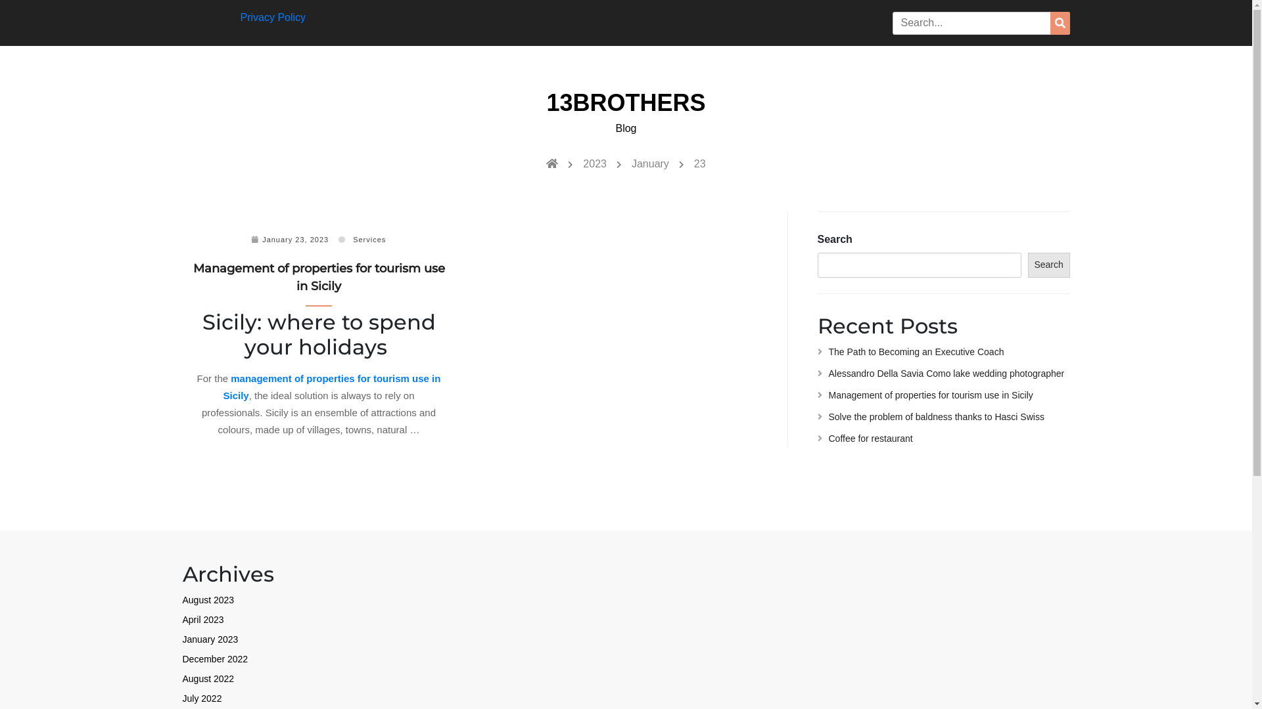  I want to click on 'January 23, 2023', so click(262, 240).